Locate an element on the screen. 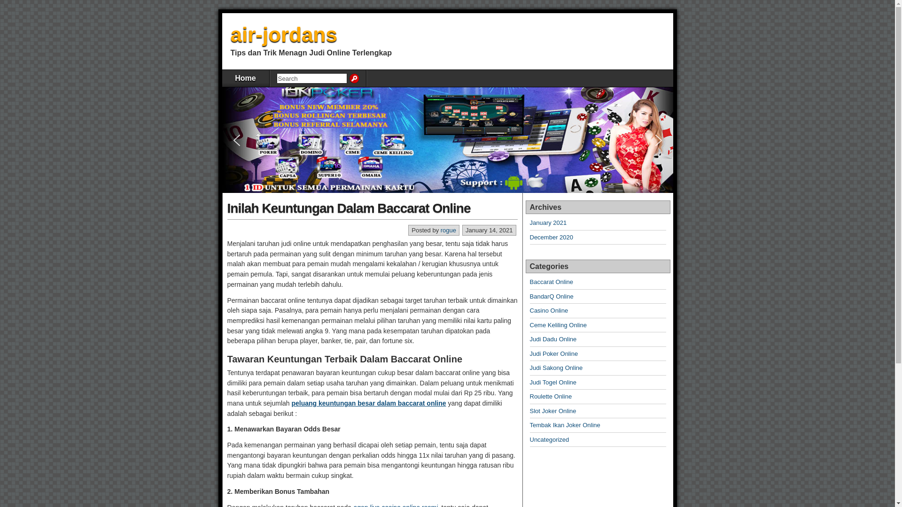  'Judi Togel Online' is located at coordinates (530, 382).